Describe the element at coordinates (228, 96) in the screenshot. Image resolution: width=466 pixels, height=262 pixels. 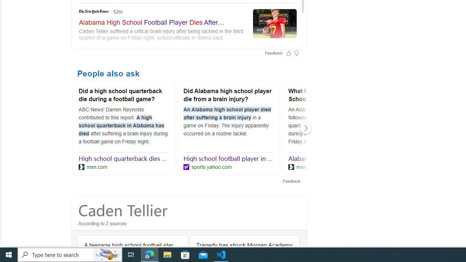
I see `'Did Alabama high school player die from a brain injury?'` at that location.